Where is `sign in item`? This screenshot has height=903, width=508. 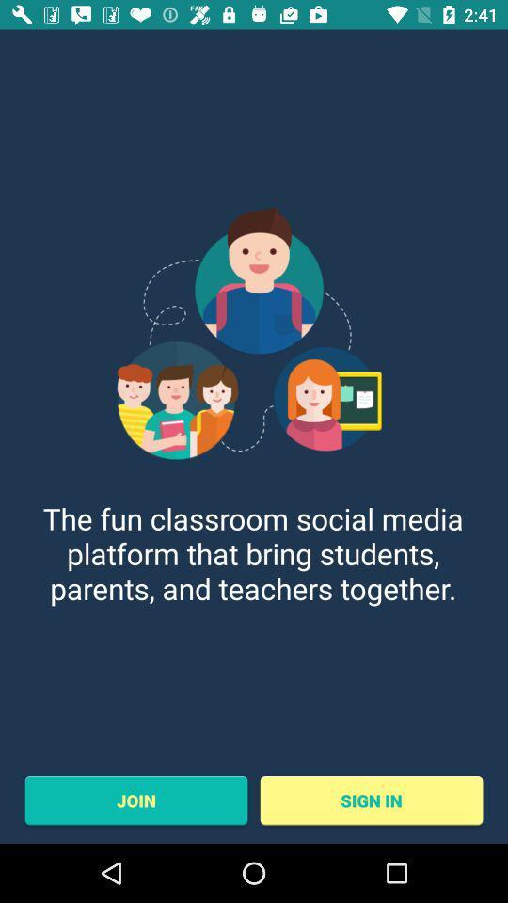
sign in item is located at coordinates (372, 800).